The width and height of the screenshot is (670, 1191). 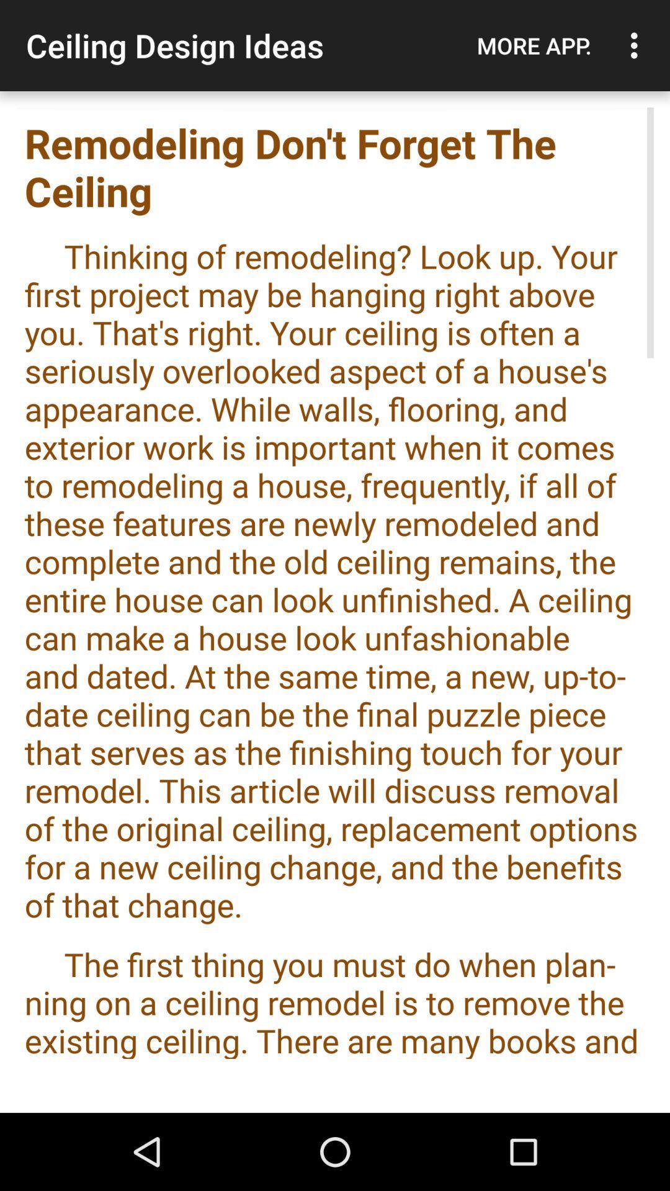 What do you see at coordinates (534, 45) in the screenshot?
I see `more app. item` at bounding box center [534, 45].